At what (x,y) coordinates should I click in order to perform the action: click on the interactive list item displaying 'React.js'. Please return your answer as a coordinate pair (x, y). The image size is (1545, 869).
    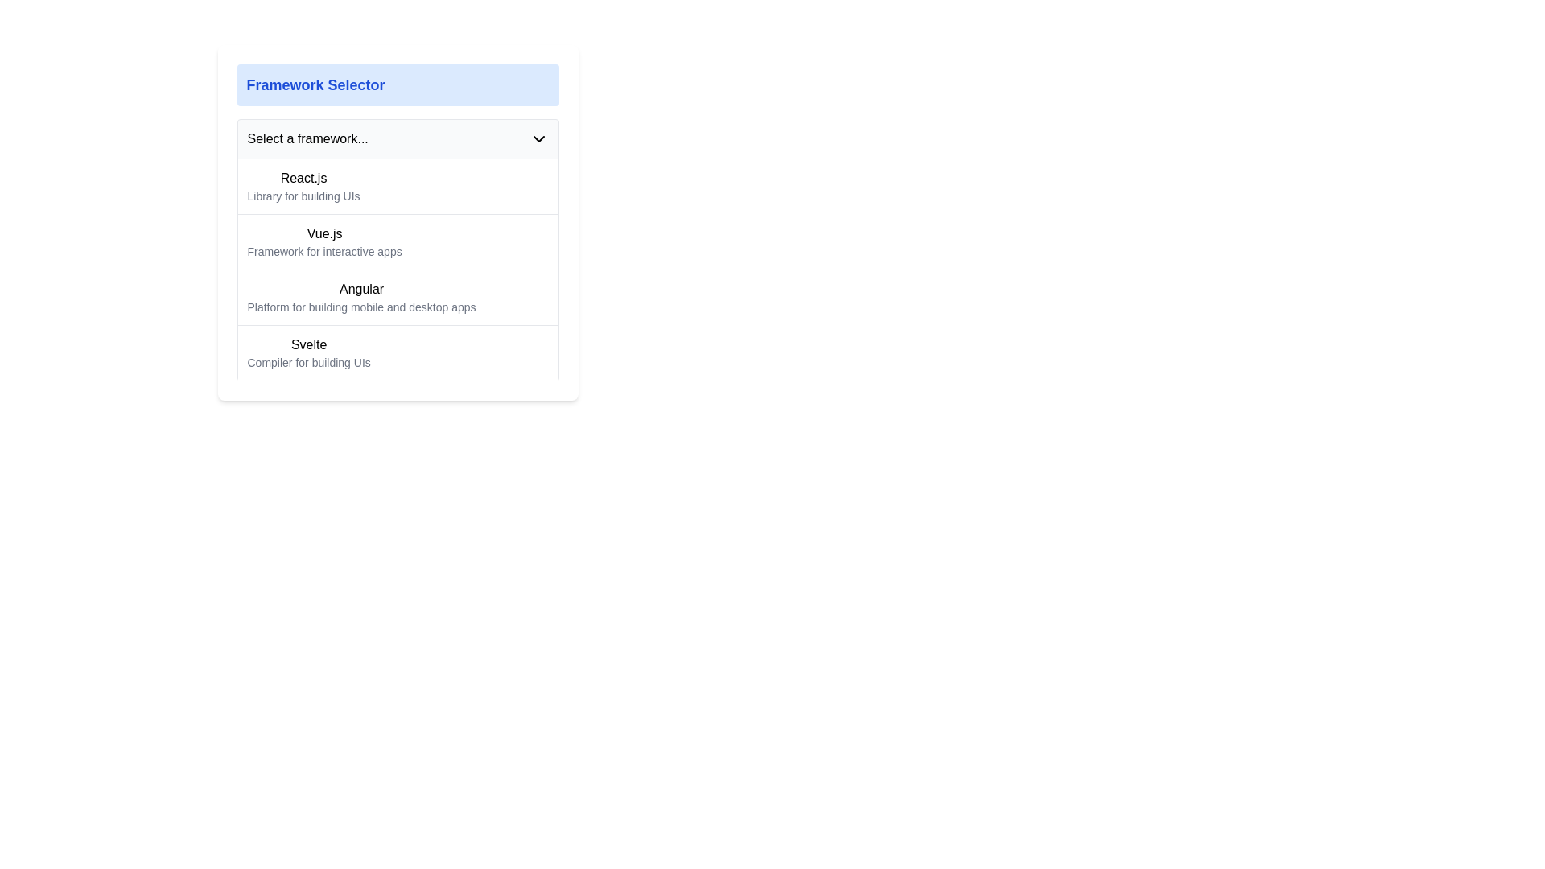
    Looking at the image, I should click on (398, 185).